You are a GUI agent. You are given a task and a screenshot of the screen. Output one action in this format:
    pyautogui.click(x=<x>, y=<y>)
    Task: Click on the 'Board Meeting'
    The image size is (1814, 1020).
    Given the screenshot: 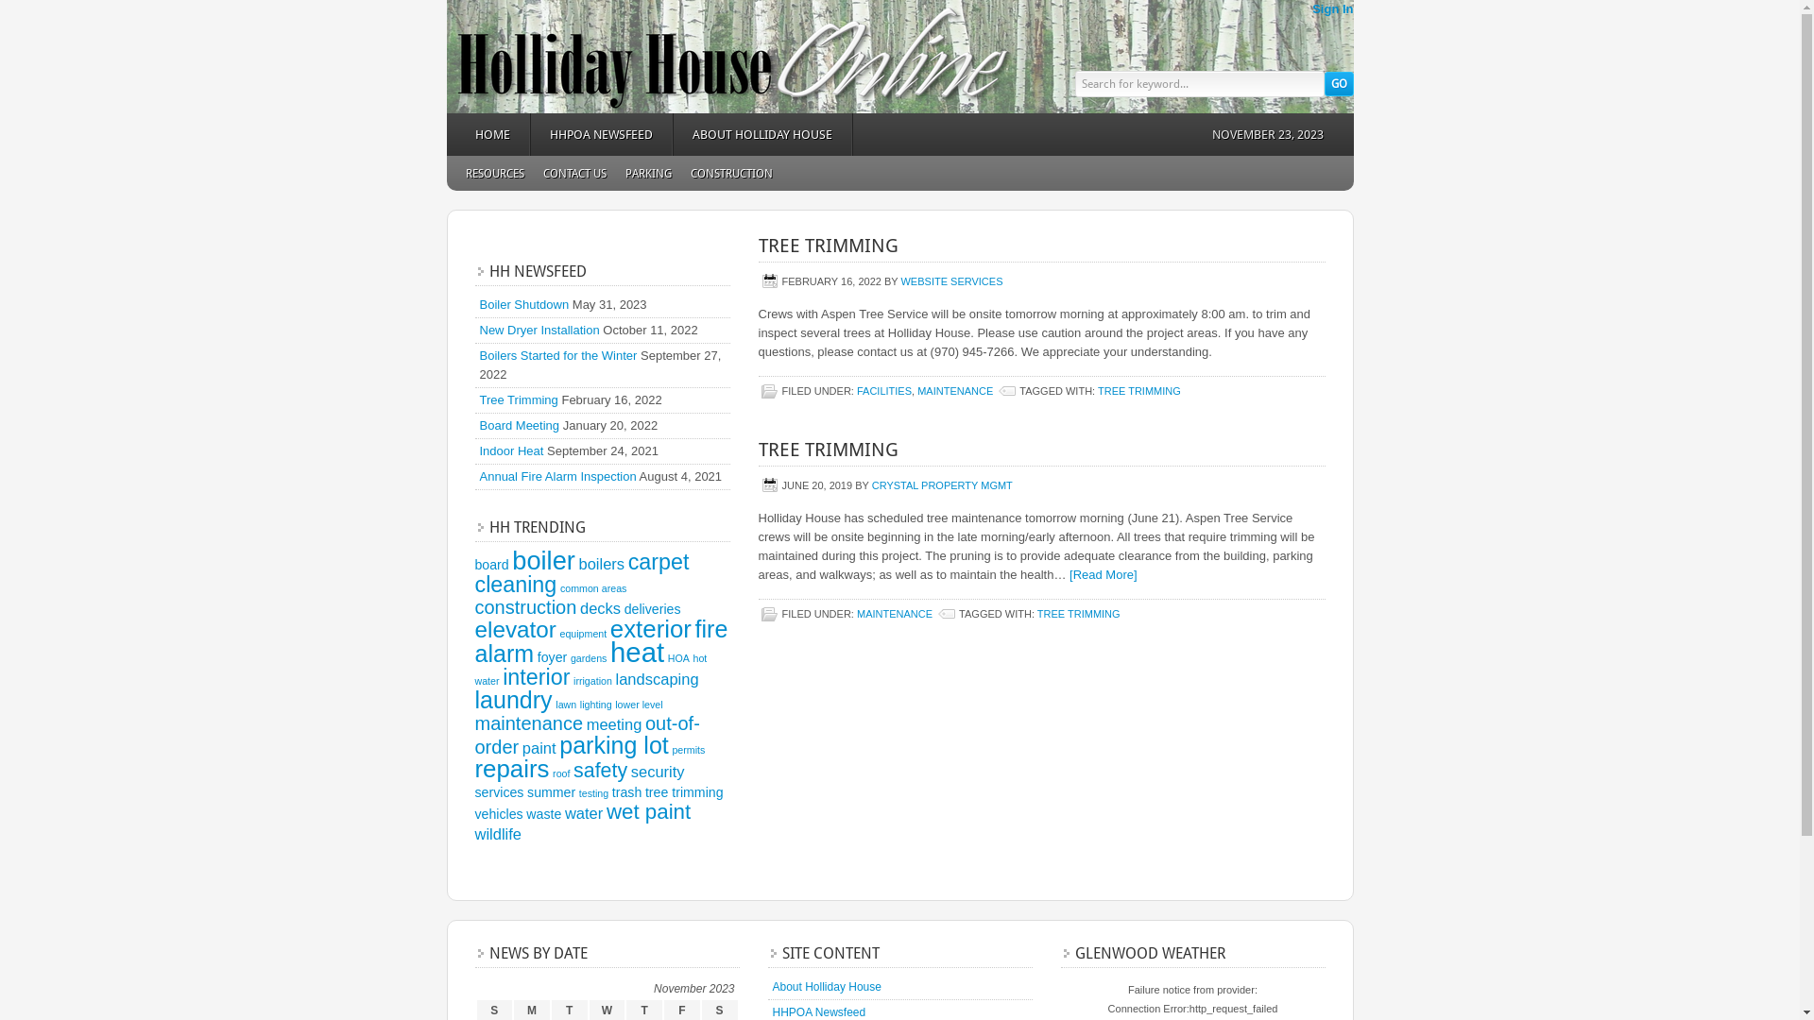 What is the action you would take?
    pyautogui.click(x=520, y=425)
    